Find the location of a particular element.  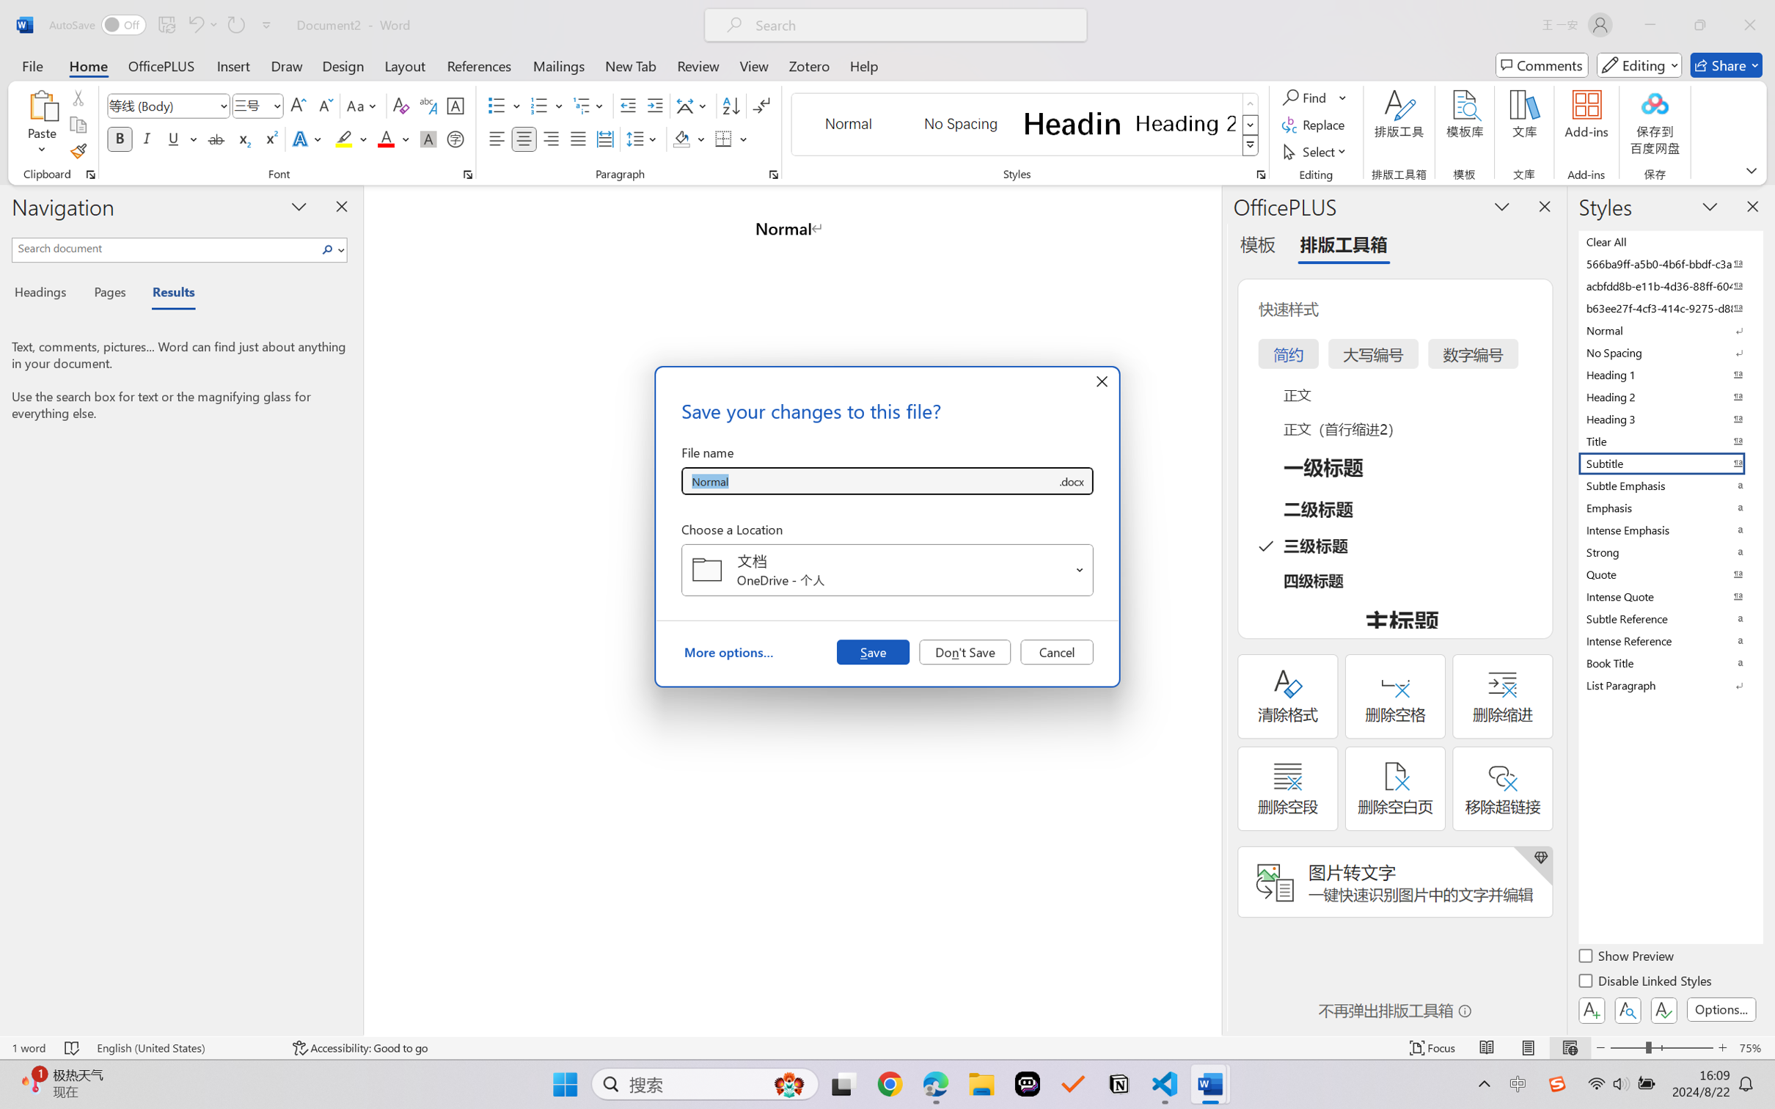

'Font' is located at coordinates (161, 106).